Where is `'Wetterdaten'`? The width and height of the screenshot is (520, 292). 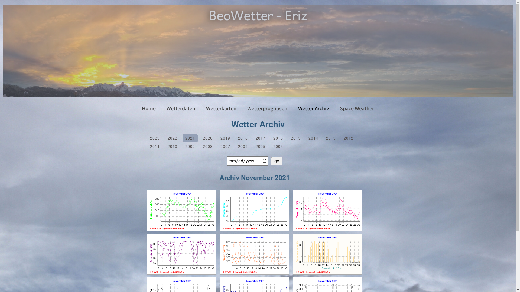 'Wetterdaten' is located at coordinates (181, 108).